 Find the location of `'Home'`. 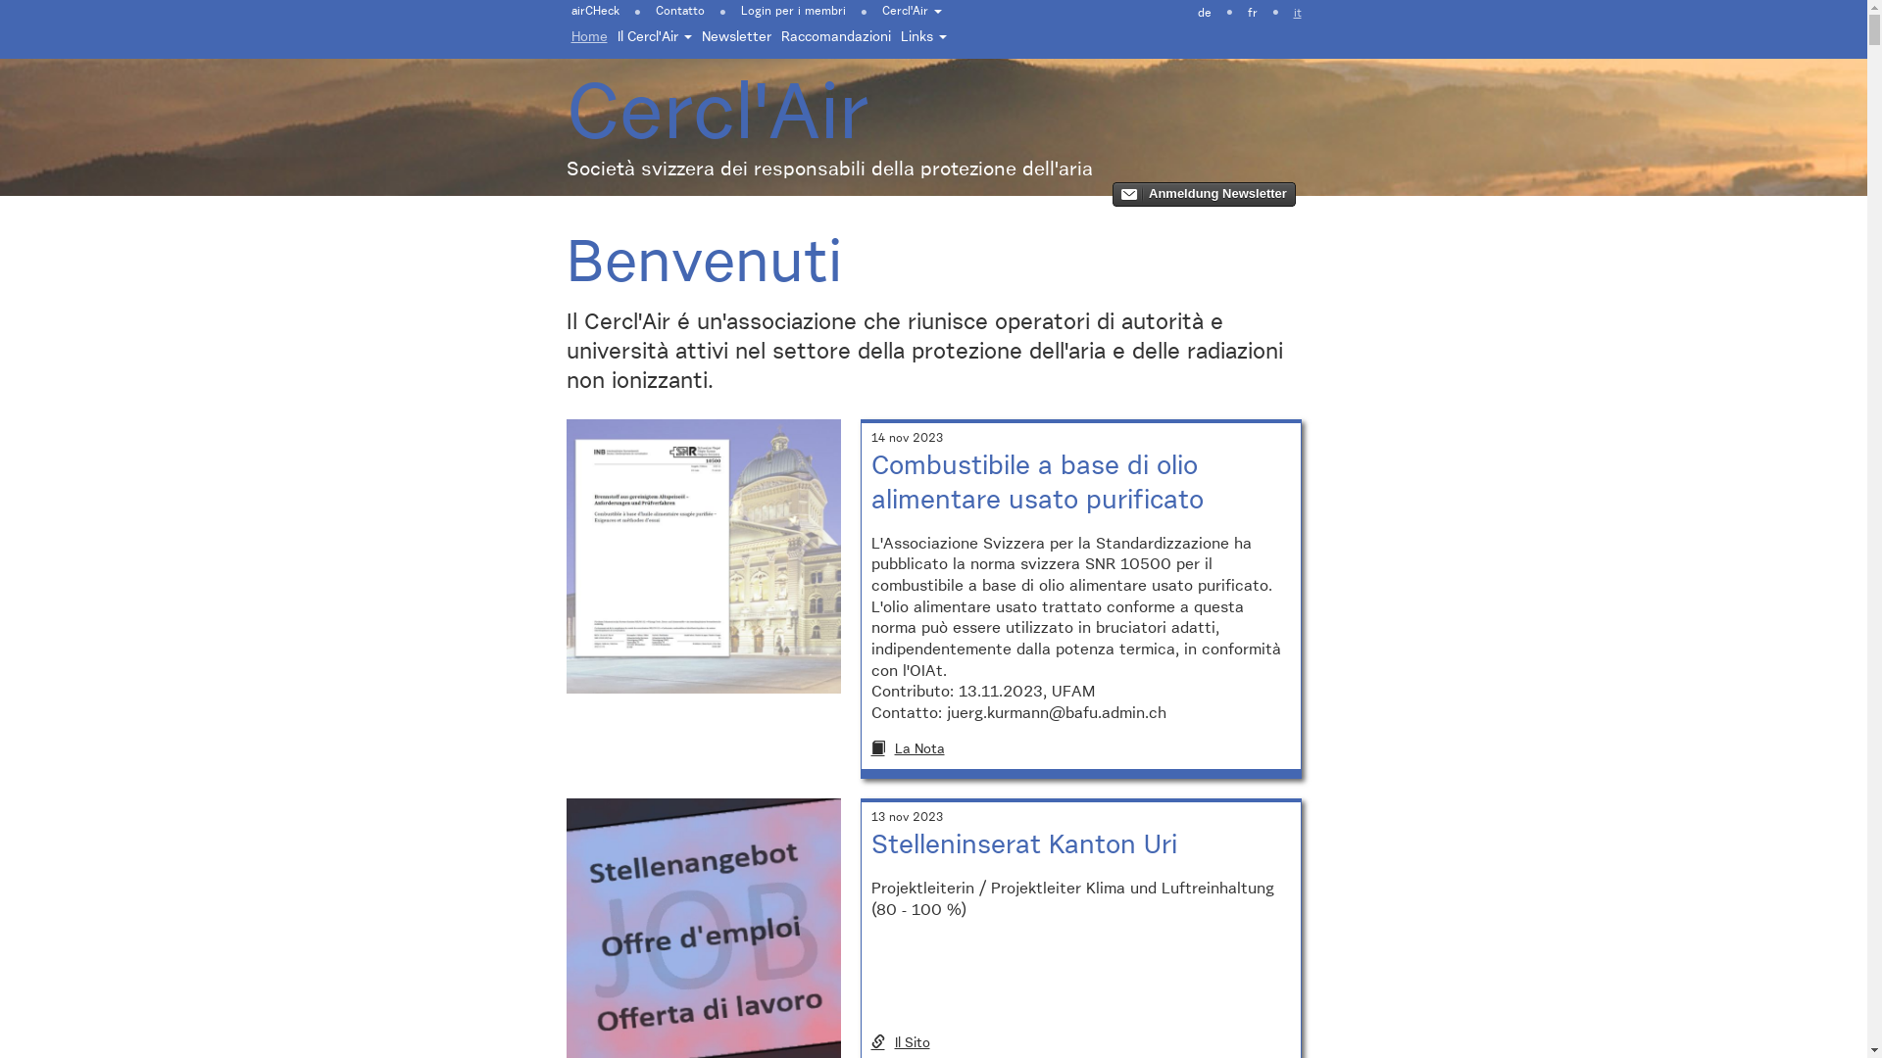

'Home' is located at coordinates (588, 37).